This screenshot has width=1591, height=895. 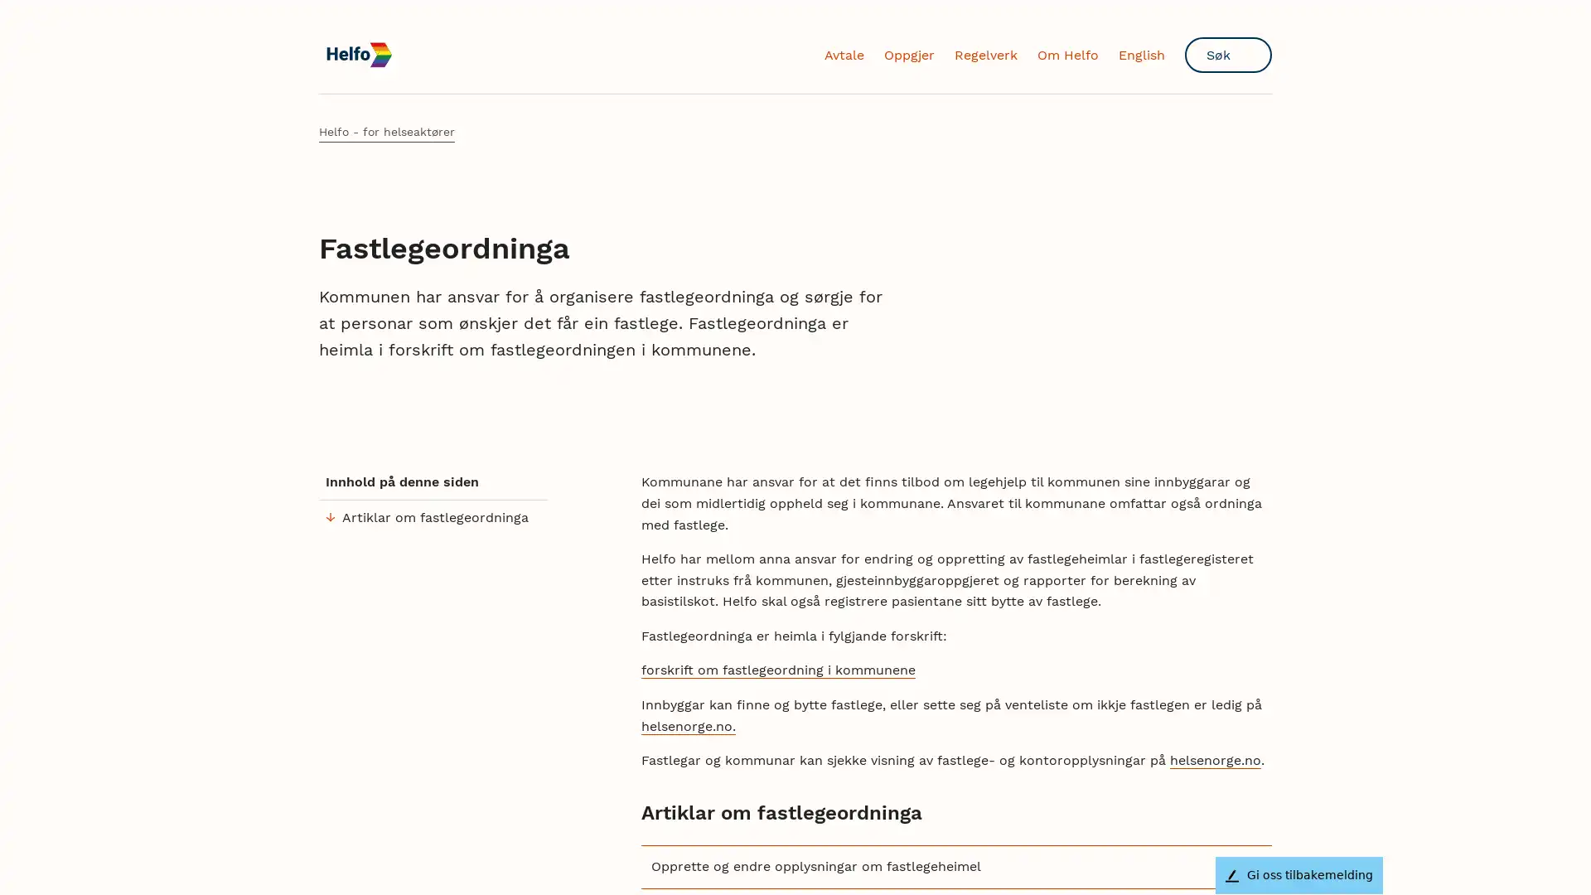 I want to click on Sk, so click(x=1228, y=53).